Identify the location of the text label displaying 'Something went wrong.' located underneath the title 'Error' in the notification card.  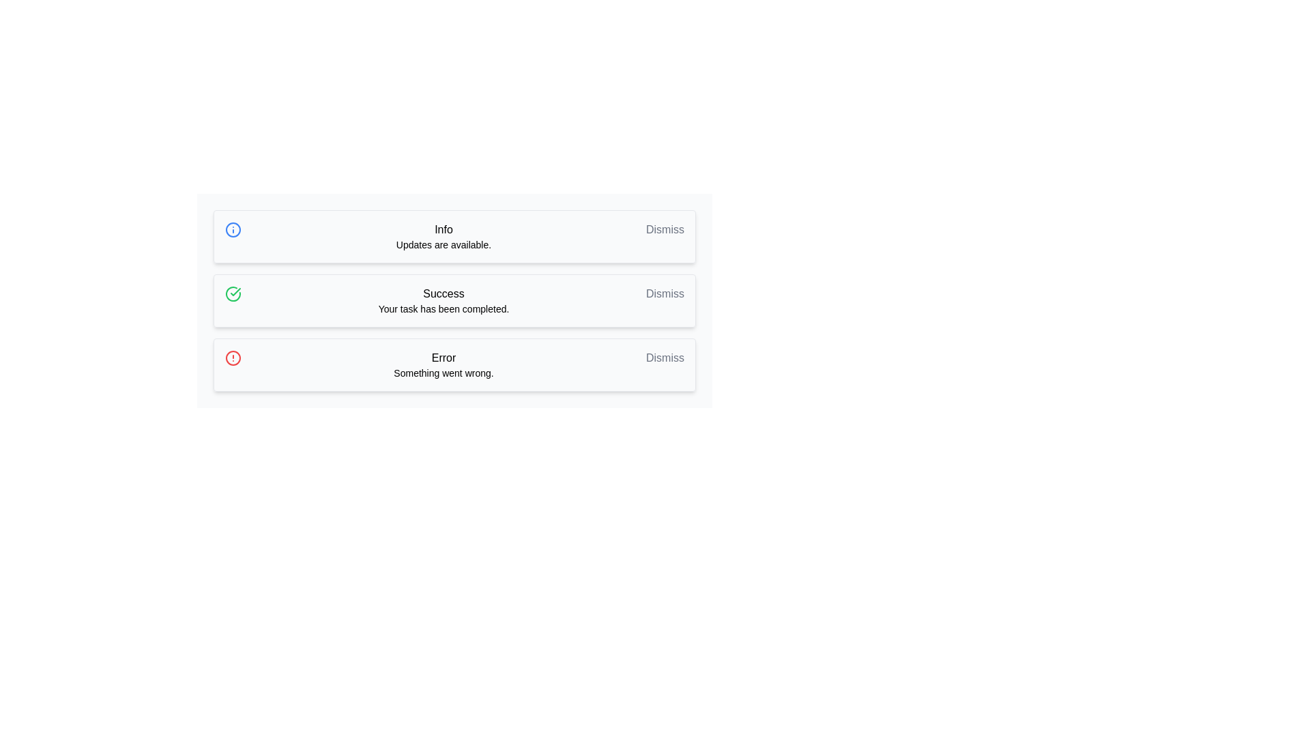
(443, 373).